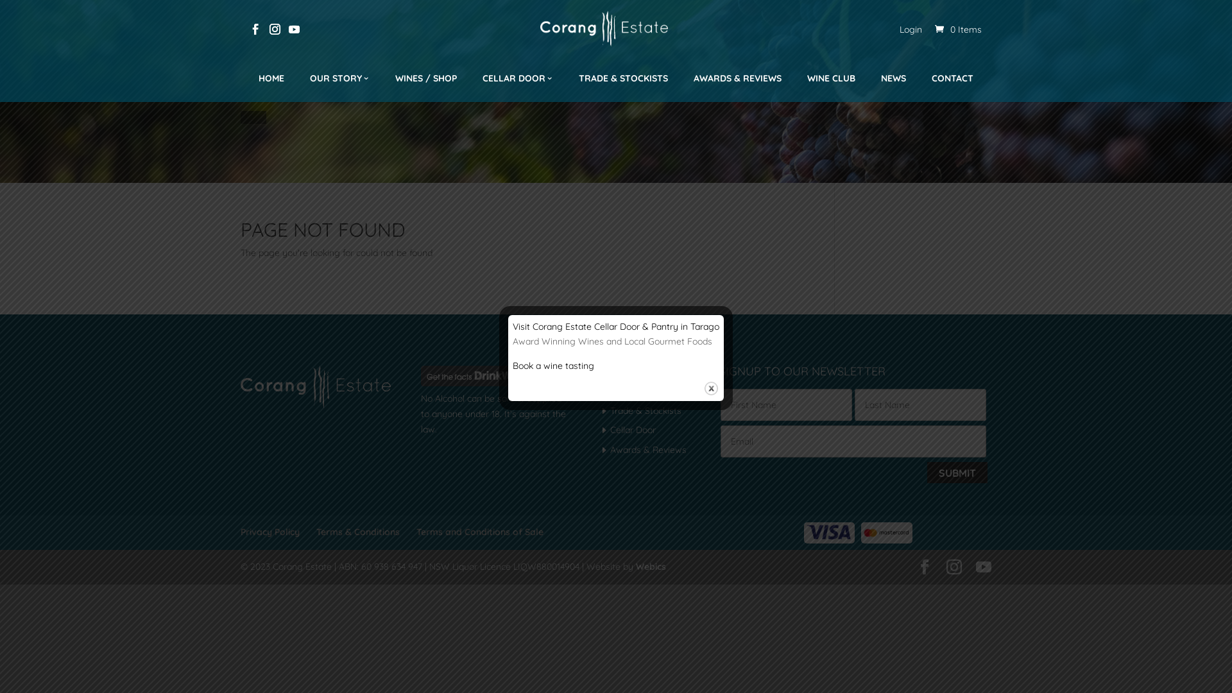 The image size is (1232, 693). I want to click on 'NEWS', so click(893, 78).